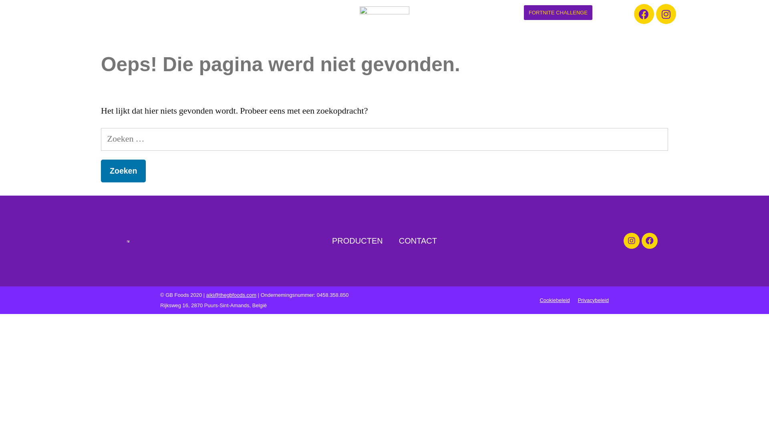 The width and height of the screenshot is (769, 432). What do you see at coordinates (554, 300) in the screenshot?
I see `'Cookiebeleid'` at bounding box center [554, 300].